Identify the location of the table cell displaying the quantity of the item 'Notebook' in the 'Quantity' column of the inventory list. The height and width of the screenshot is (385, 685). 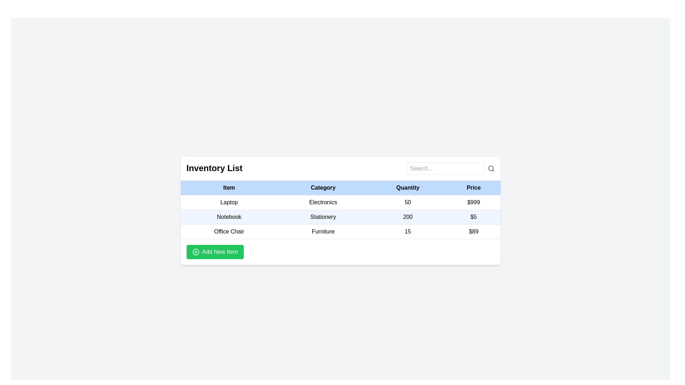
(408, 216).